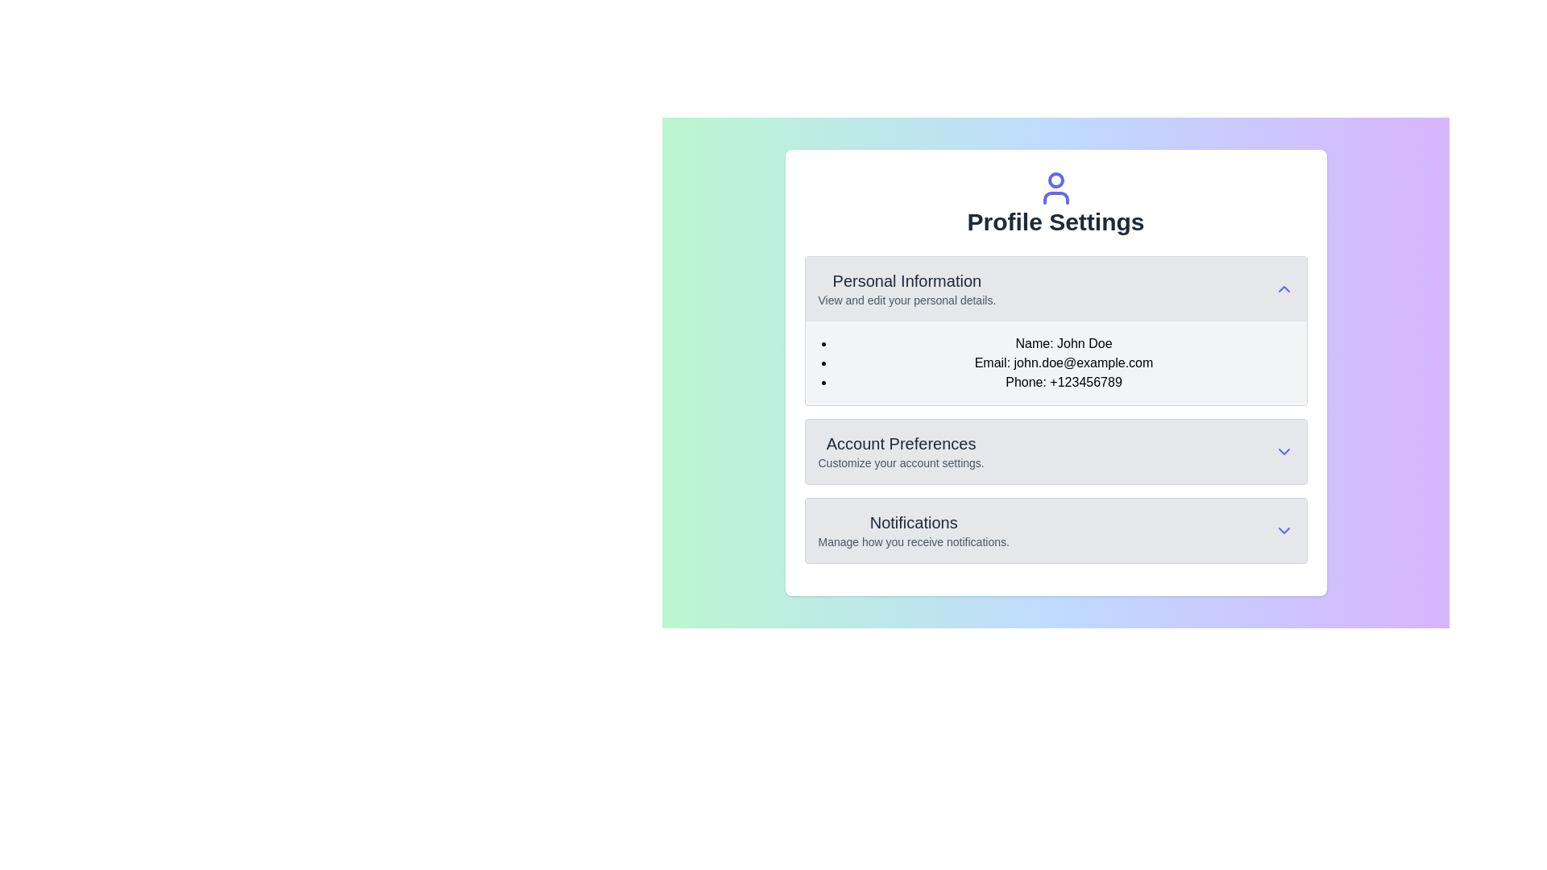 The height and width of the screenshot is (870, 1547). Describe the element at coordinates (1283, 451) in the screenshot. I see `the Dropdown toggle icon located at the far right of the 'Account Preferences' section header` at that location.